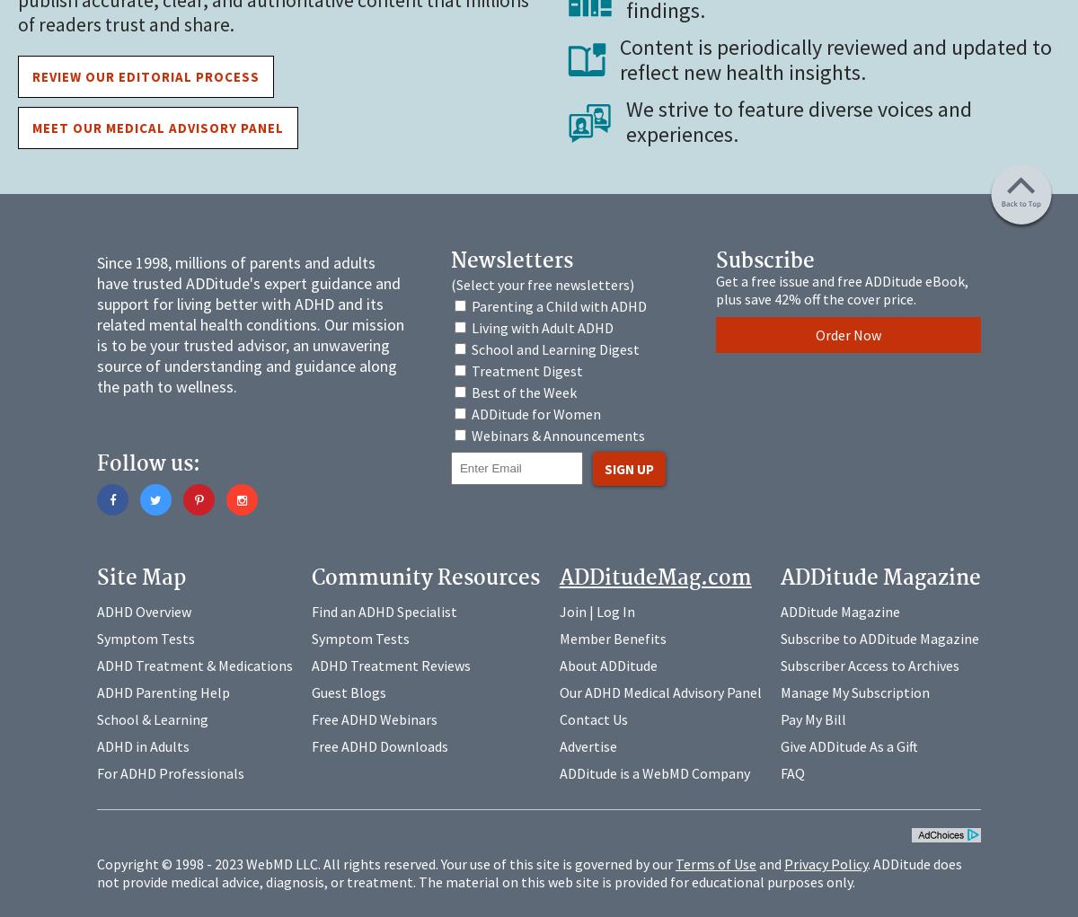 This screenshot has height=917, width=1078. Describe the element at coordinates (612, 638) in the screenshot. I see `'Member Benefits'` at that location.